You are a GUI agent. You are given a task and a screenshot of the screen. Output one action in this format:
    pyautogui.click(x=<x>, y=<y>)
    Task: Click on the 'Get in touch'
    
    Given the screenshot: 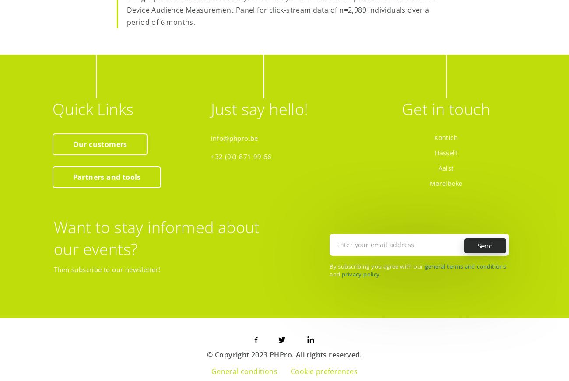 What is the action you would take?
    pyautogui.click(x=445, y=108)
    